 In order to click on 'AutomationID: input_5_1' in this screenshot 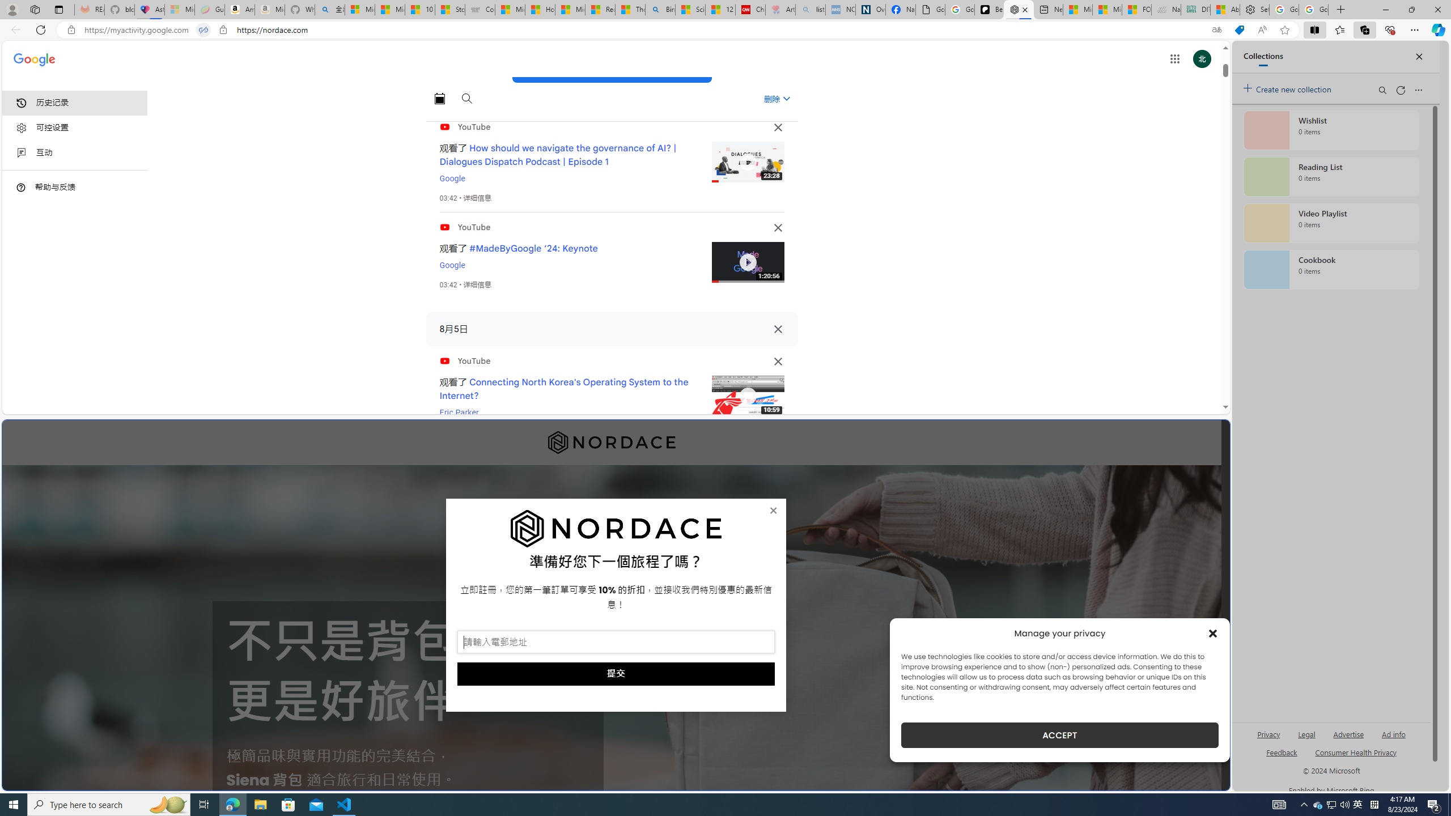, I will do `click(615, 642)`.